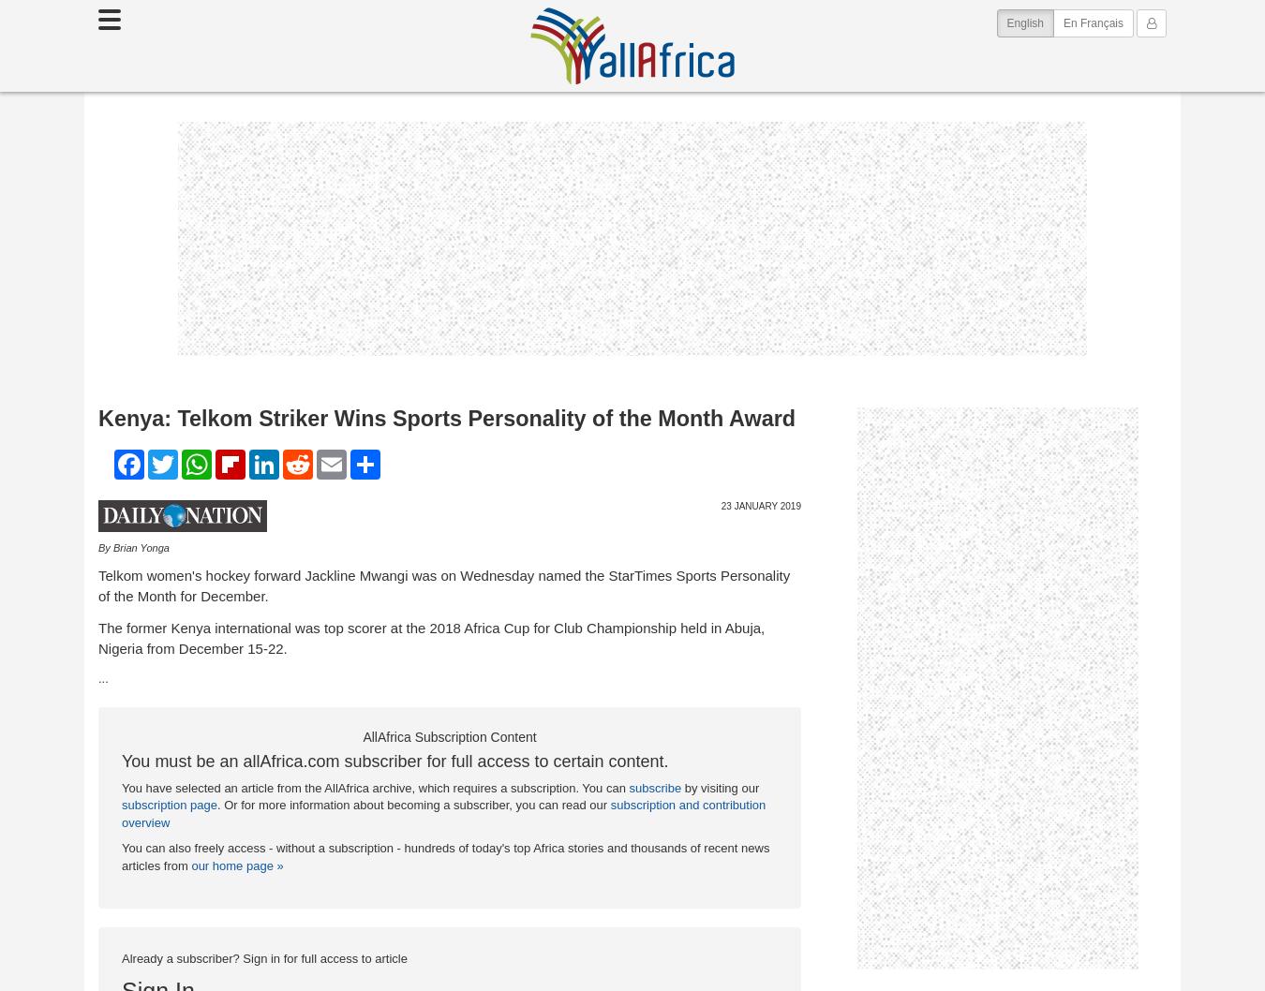 This screenshot has height=991, width=1265. What do you see at coordinates (1062, 22) in the screenshot?
I see `'En Français'` at bounding box center [1062, 22].